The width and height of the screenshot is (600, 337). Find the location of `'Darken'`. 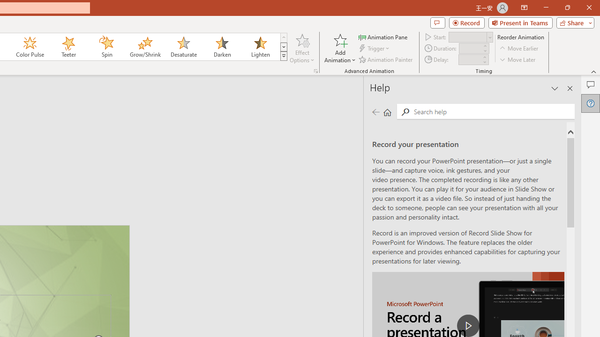

'Darken' is located at coordinates (221, 47).